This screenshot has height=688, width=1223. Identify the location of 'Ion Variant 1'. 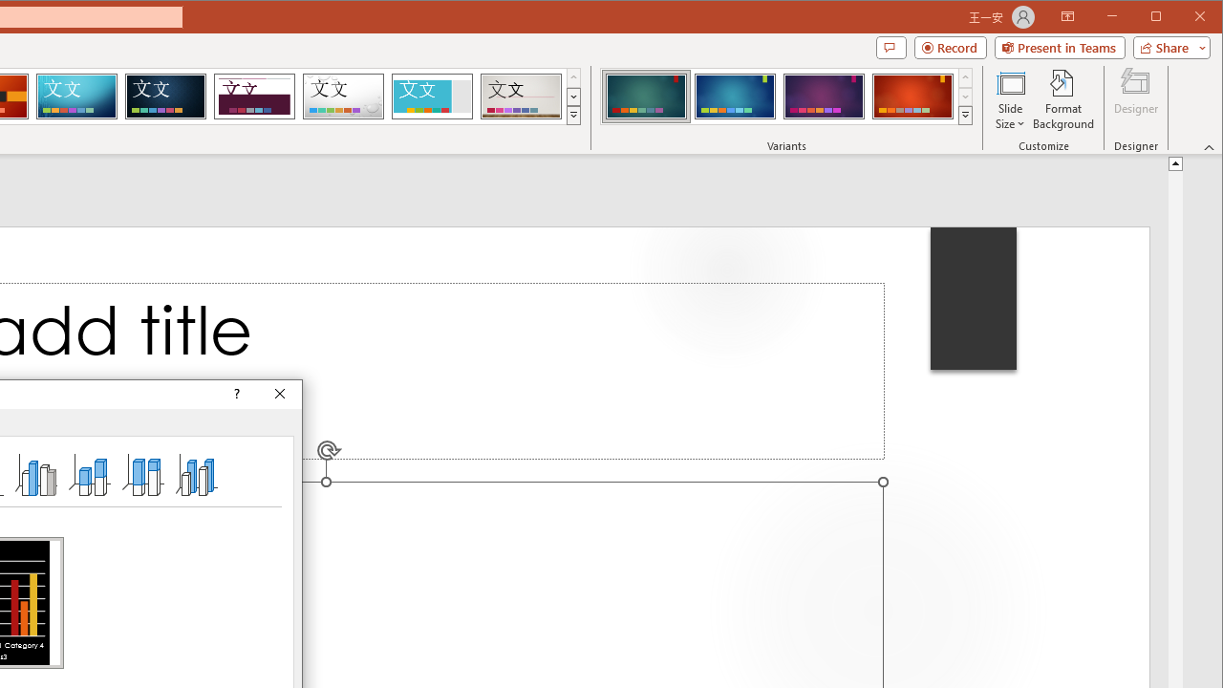
(646, 96).